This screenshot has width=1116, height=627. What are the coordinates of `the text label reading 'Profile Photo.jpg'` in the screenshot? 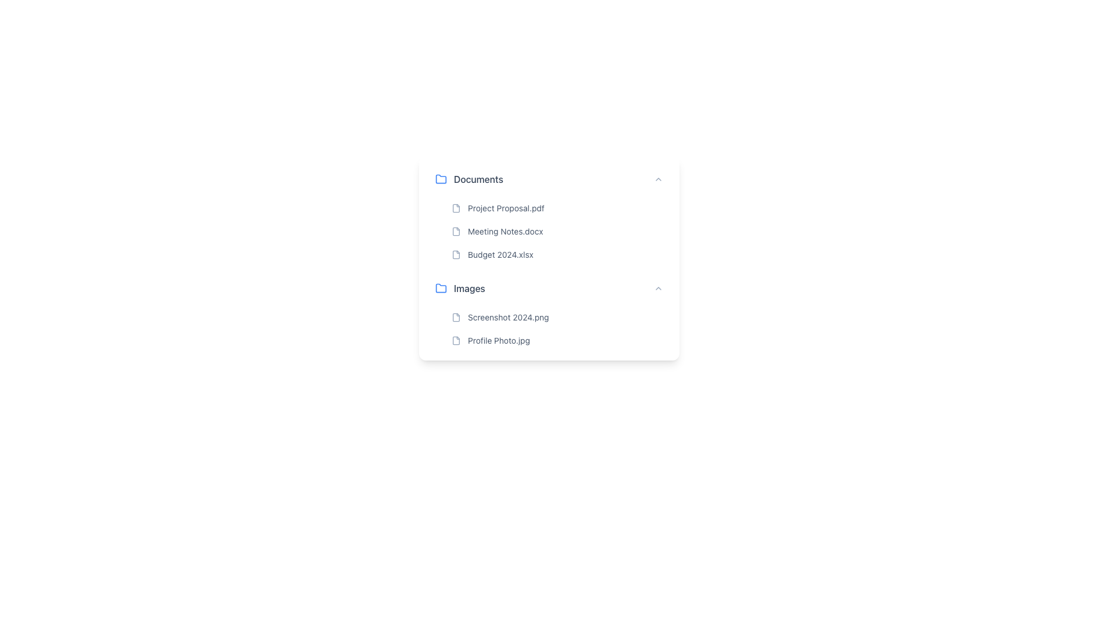 It's located at (499, 340).